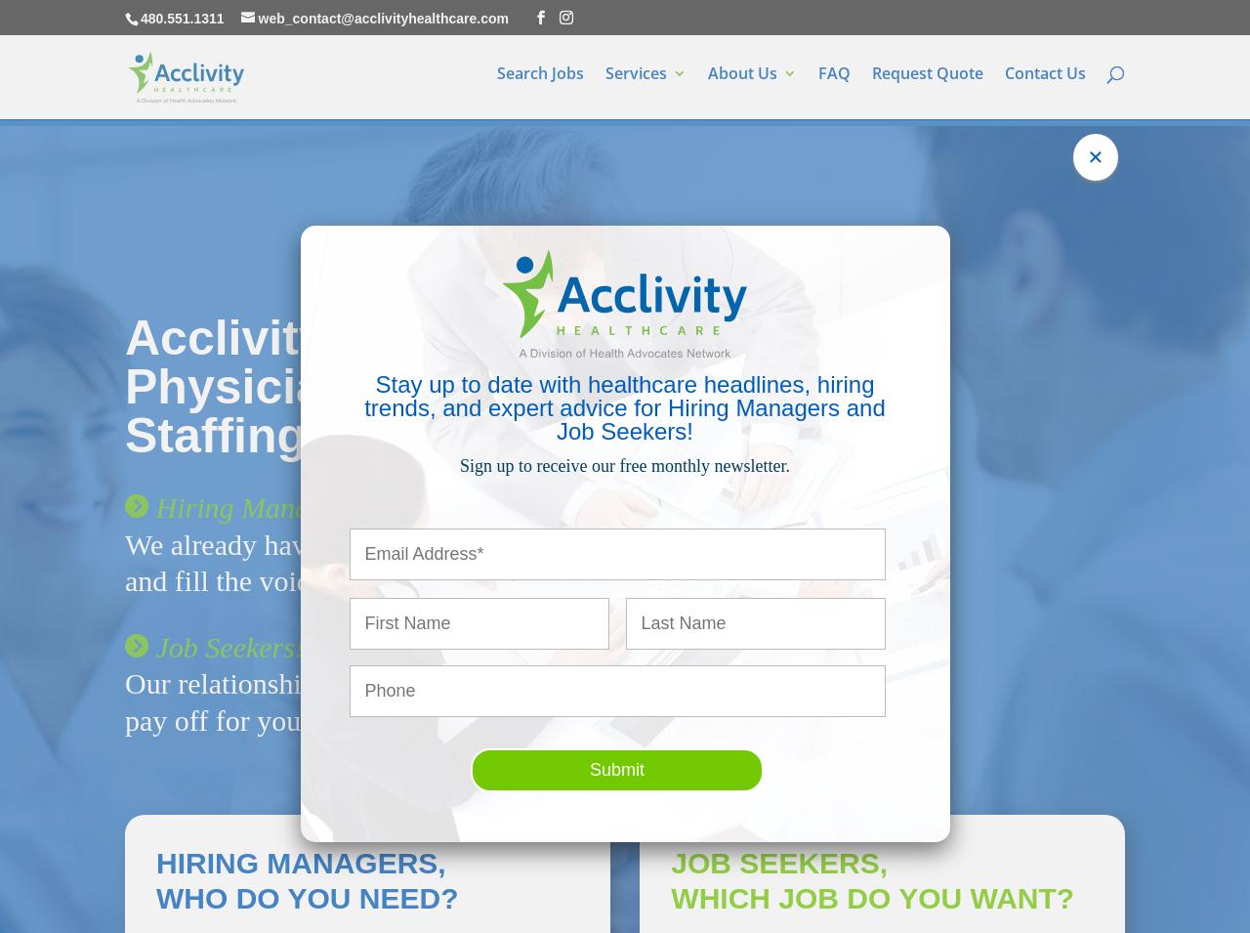  What do you see at coordinates (510, 386) in the screenshot?
I see `'Acclivity Healthcare Hospital and Physician Office Recruiting and Staffing'` at bounding box center [510, 386].